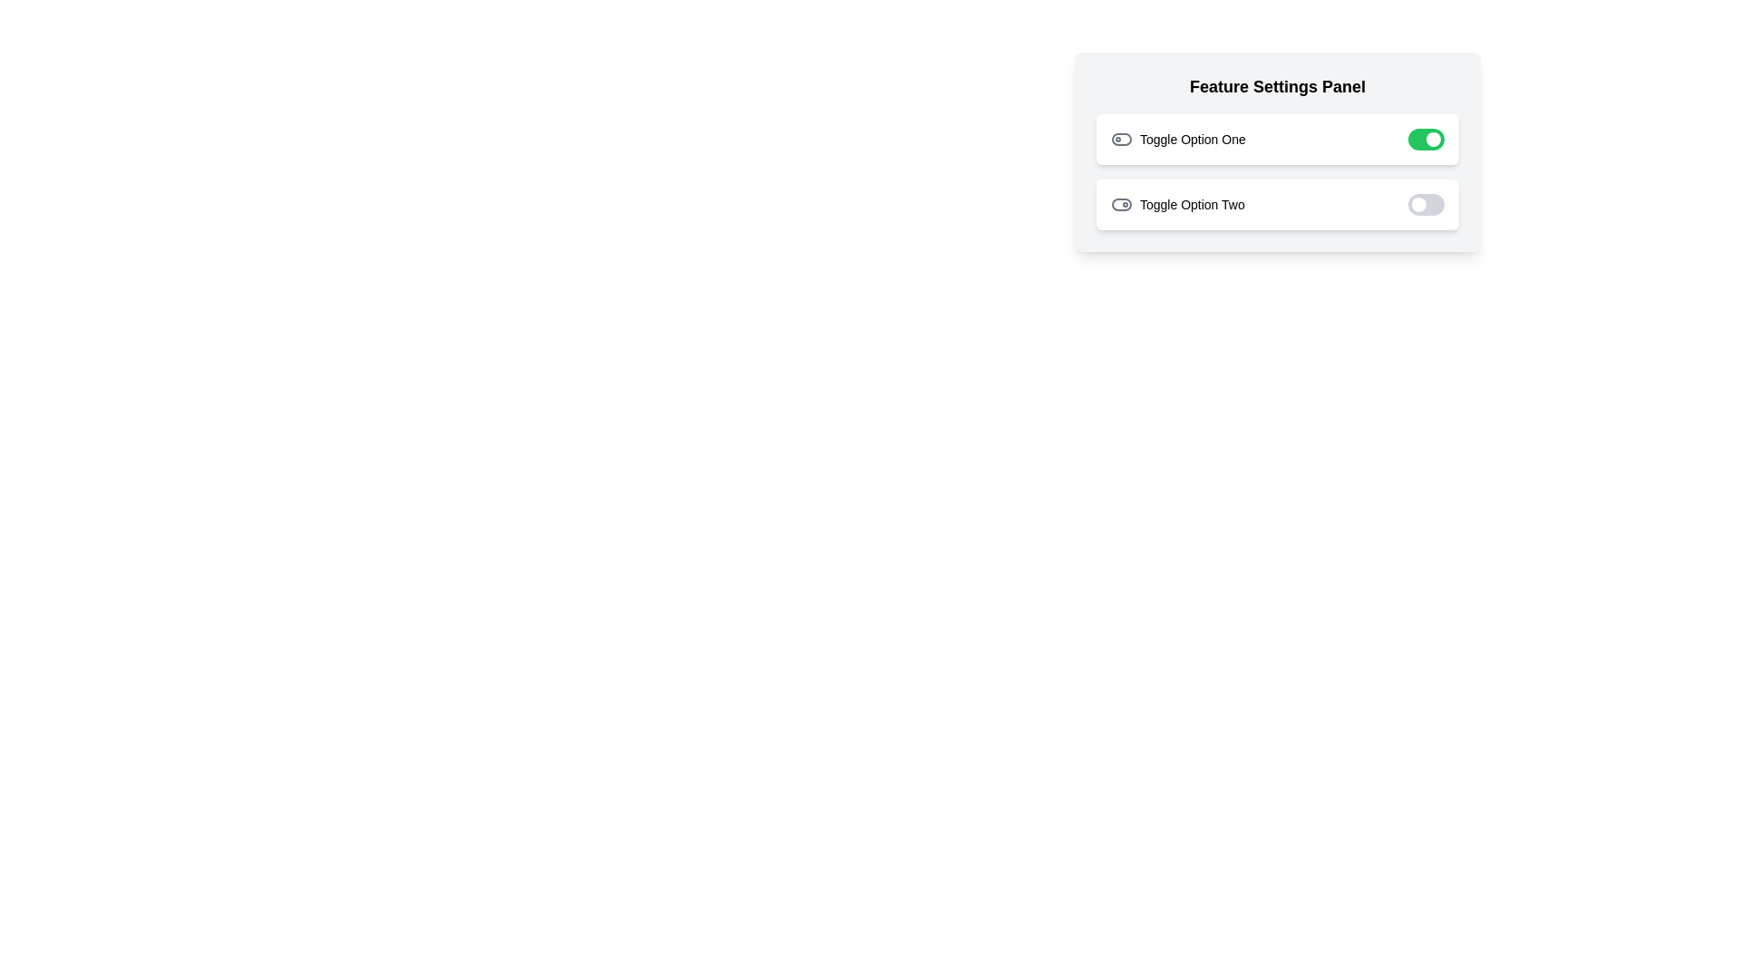  Describe the element at coordinates (1277, 204) in the screenshot. I see `the 'Toggle Option Two' switch` at that location.